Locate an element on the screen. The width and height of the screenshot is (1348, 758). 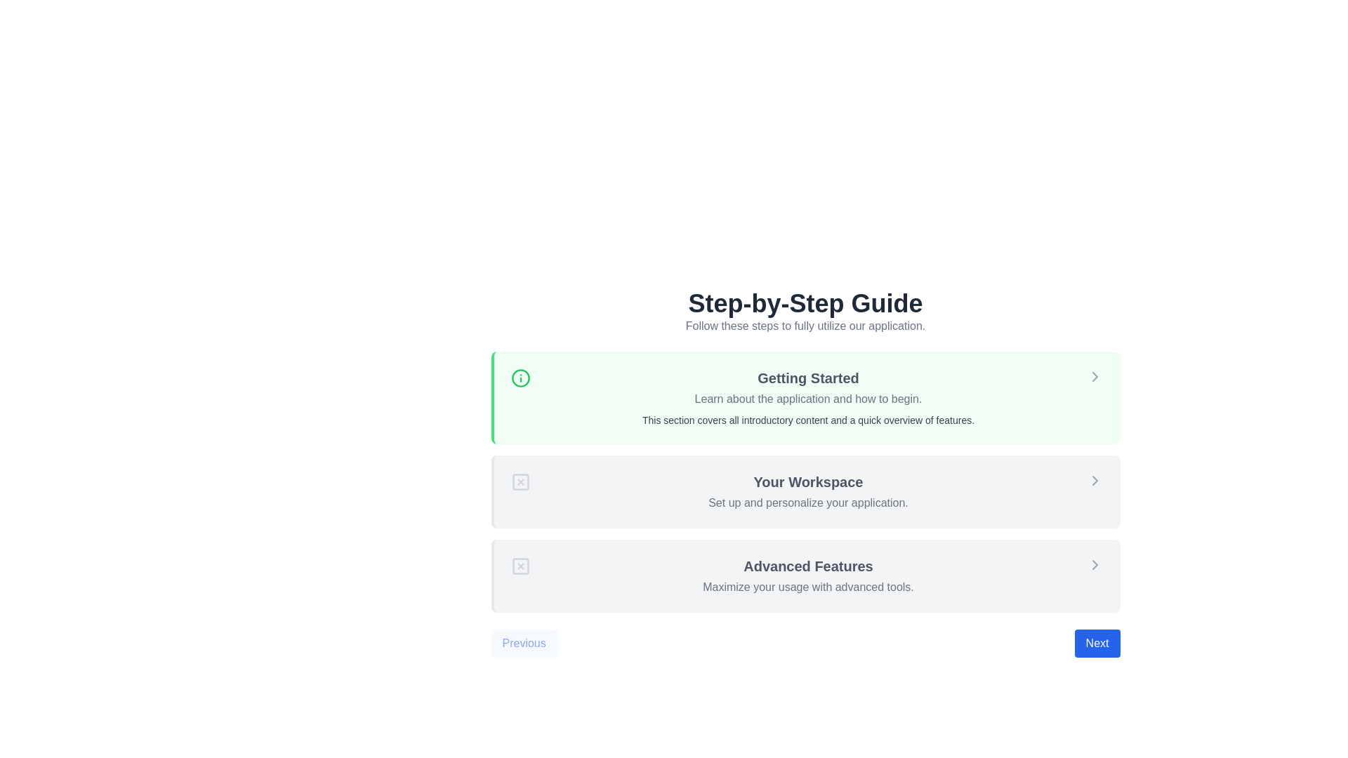
text label titled 'Advanced Features' which includes the description 'Maximize your usage with advanced tools.' located in the third section of the vertically stacked list is located at coordinates (808, 576).